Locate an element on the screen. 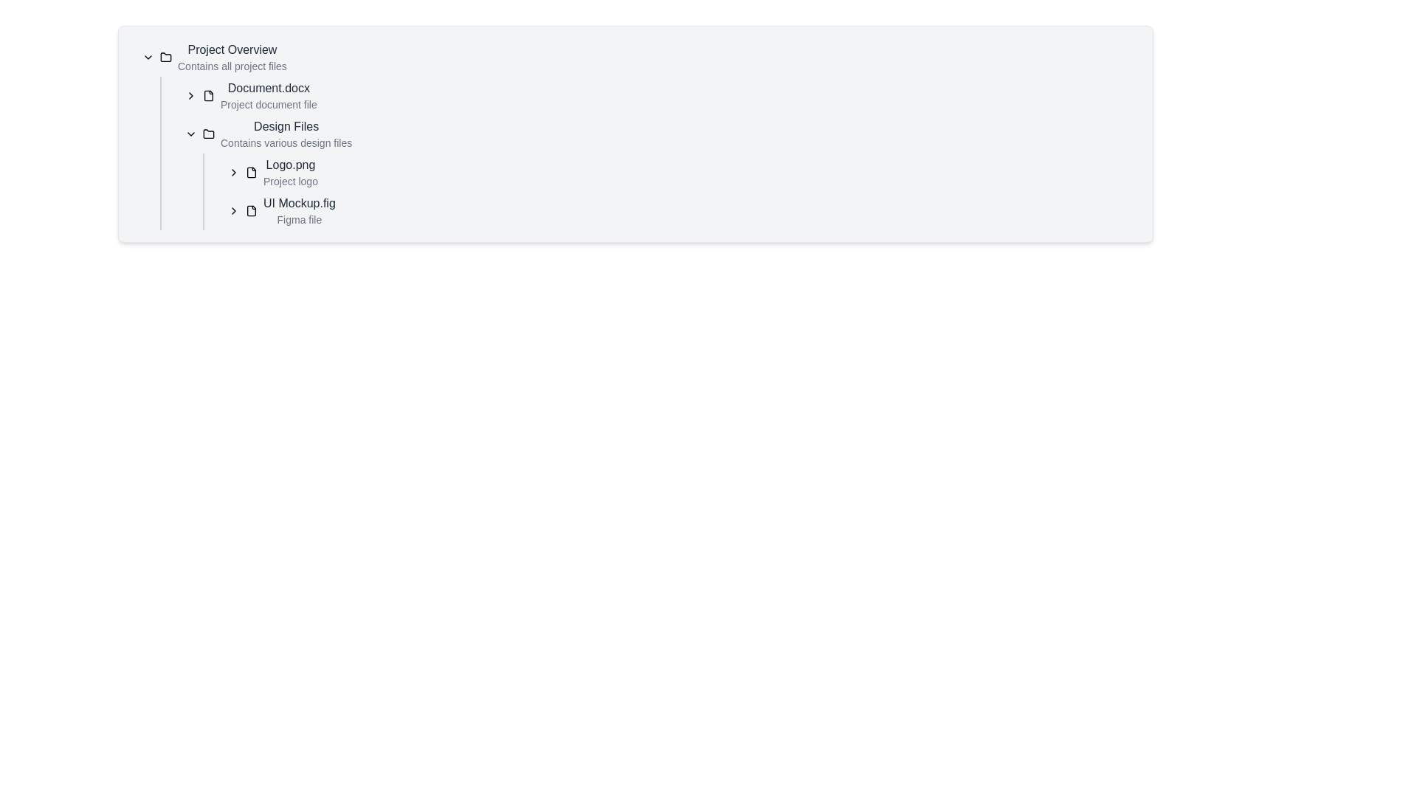 This screenshot has height=797, width=1417. the arrow icon located immediately to the left of the text 'Logo.png' is located at coordinates (232, 172).